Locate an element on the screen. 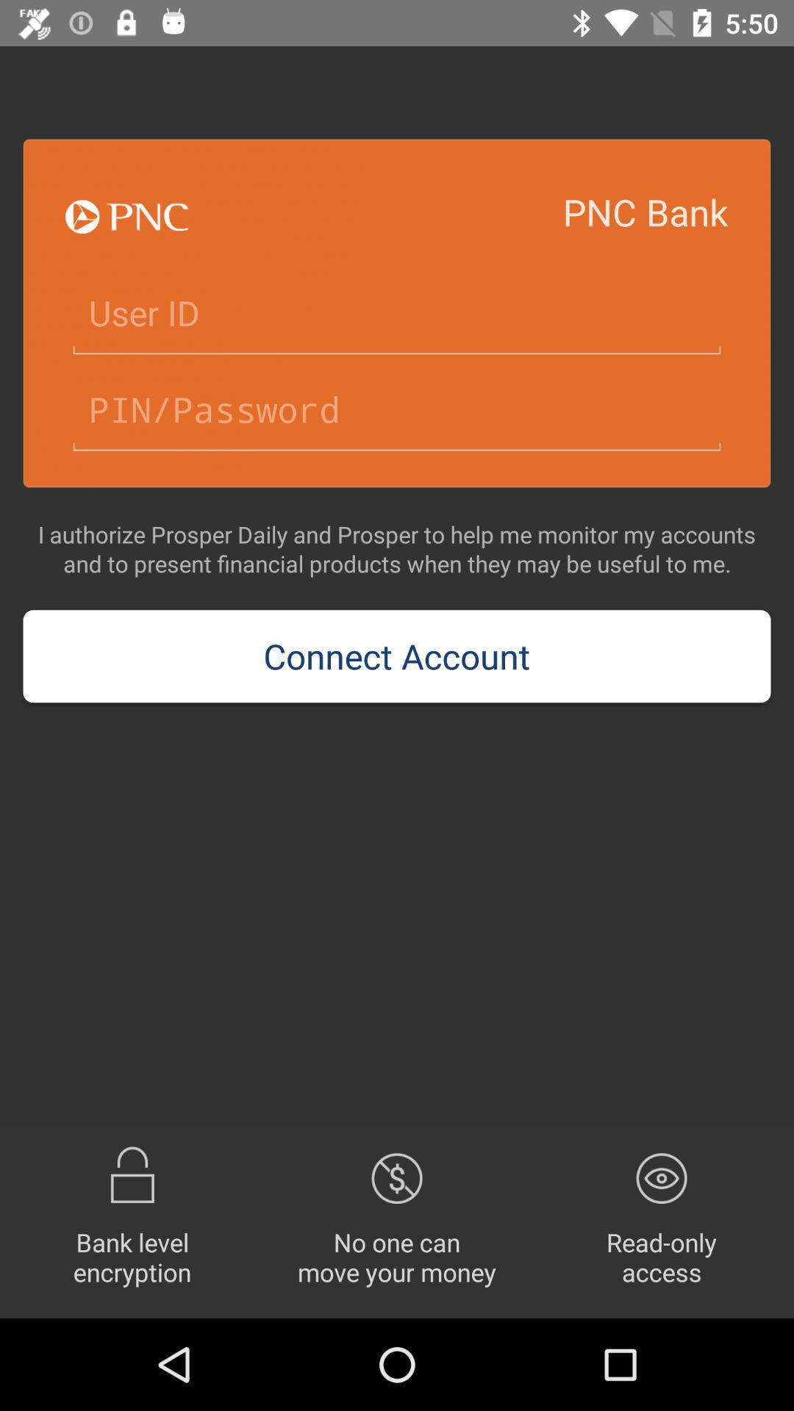 This screenshot has height=1411, width=794. button page is located at coordinates (397, 313).